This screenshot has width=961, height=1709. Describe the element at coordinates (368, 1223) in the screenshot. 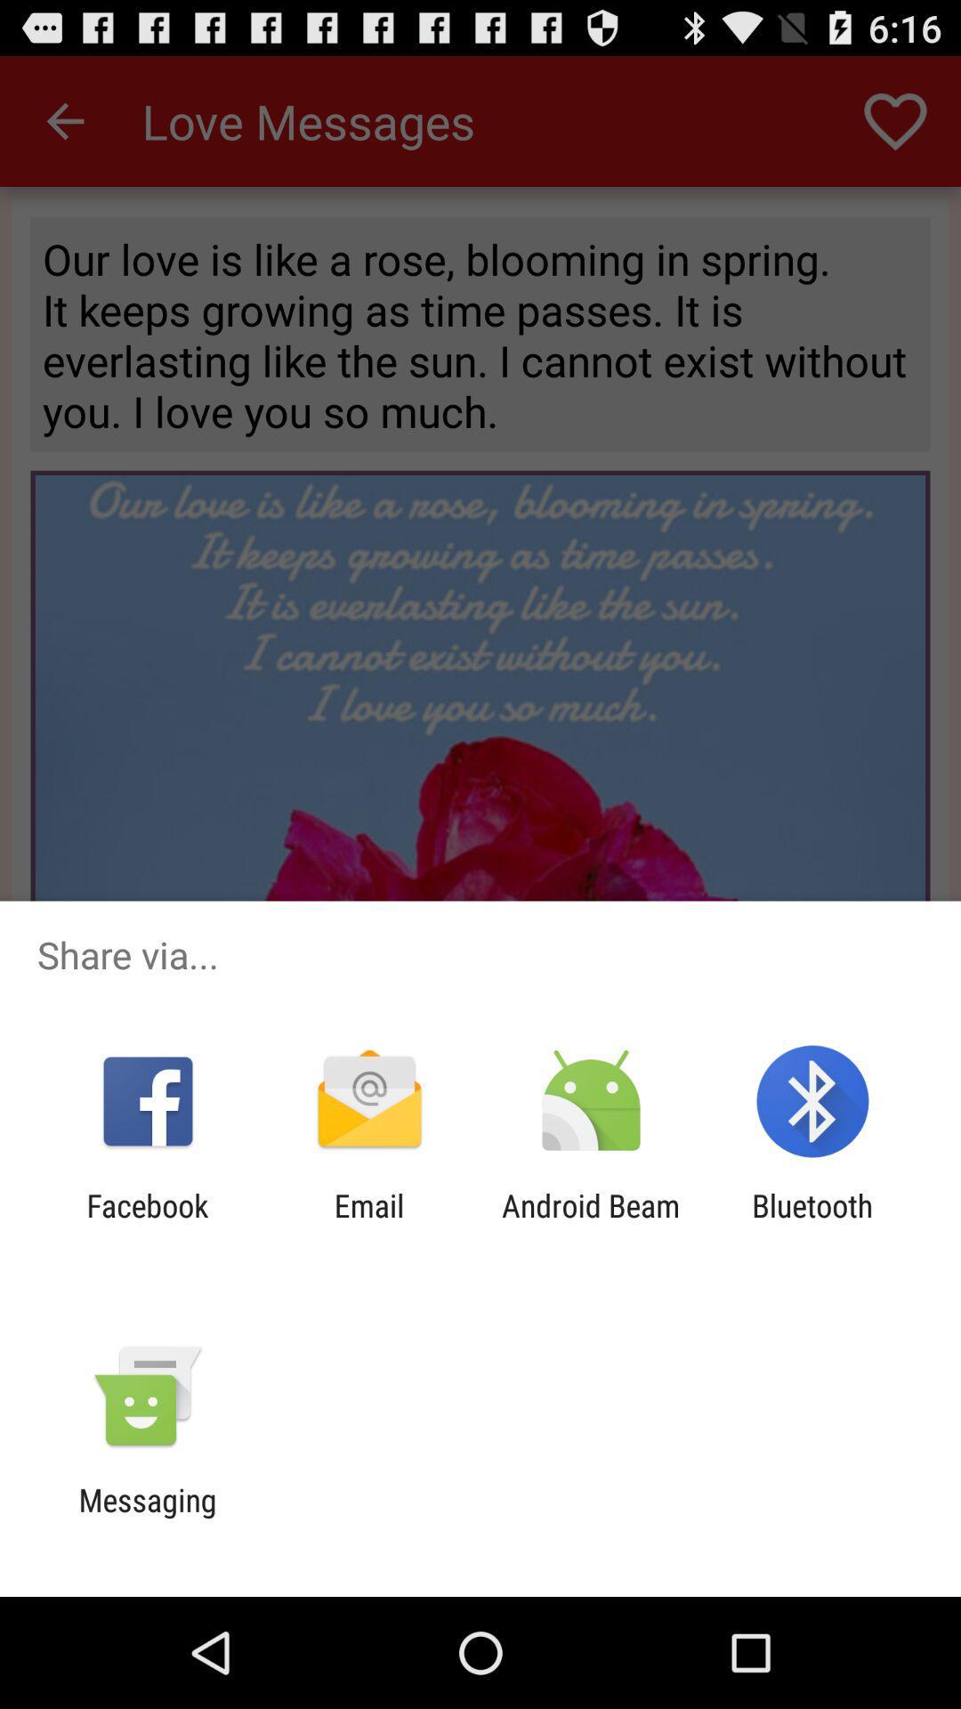

I see `icon to the right of the facebook item` at that location.